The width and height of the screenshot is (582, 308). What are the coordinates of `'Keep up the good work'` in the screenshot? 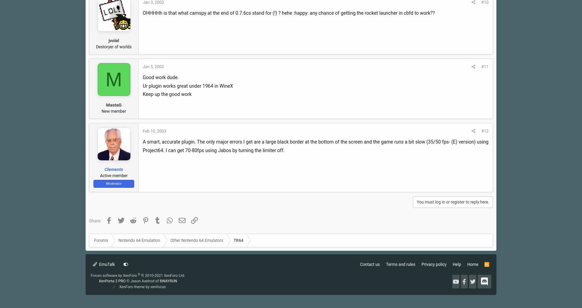 It's located at (167, 94).